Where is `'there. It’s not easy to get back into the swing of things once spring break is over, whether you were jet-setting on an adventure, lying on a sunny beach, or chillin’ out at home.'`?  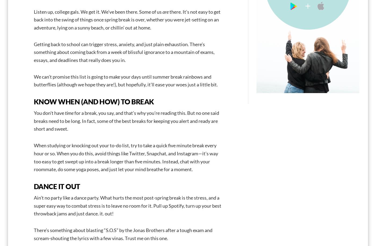
'there. It’s not easy to get back into the swing of things once spring break is over, whether you were jet-setting on an adventure, lying on a sunny beach, or chillin’ out at home.' is located at coordinates (127, 19).